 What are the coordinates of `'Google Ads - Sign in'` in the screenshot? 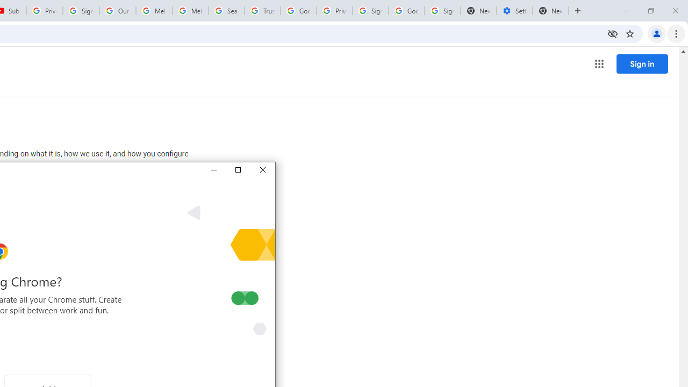 It's located at (298, 11).